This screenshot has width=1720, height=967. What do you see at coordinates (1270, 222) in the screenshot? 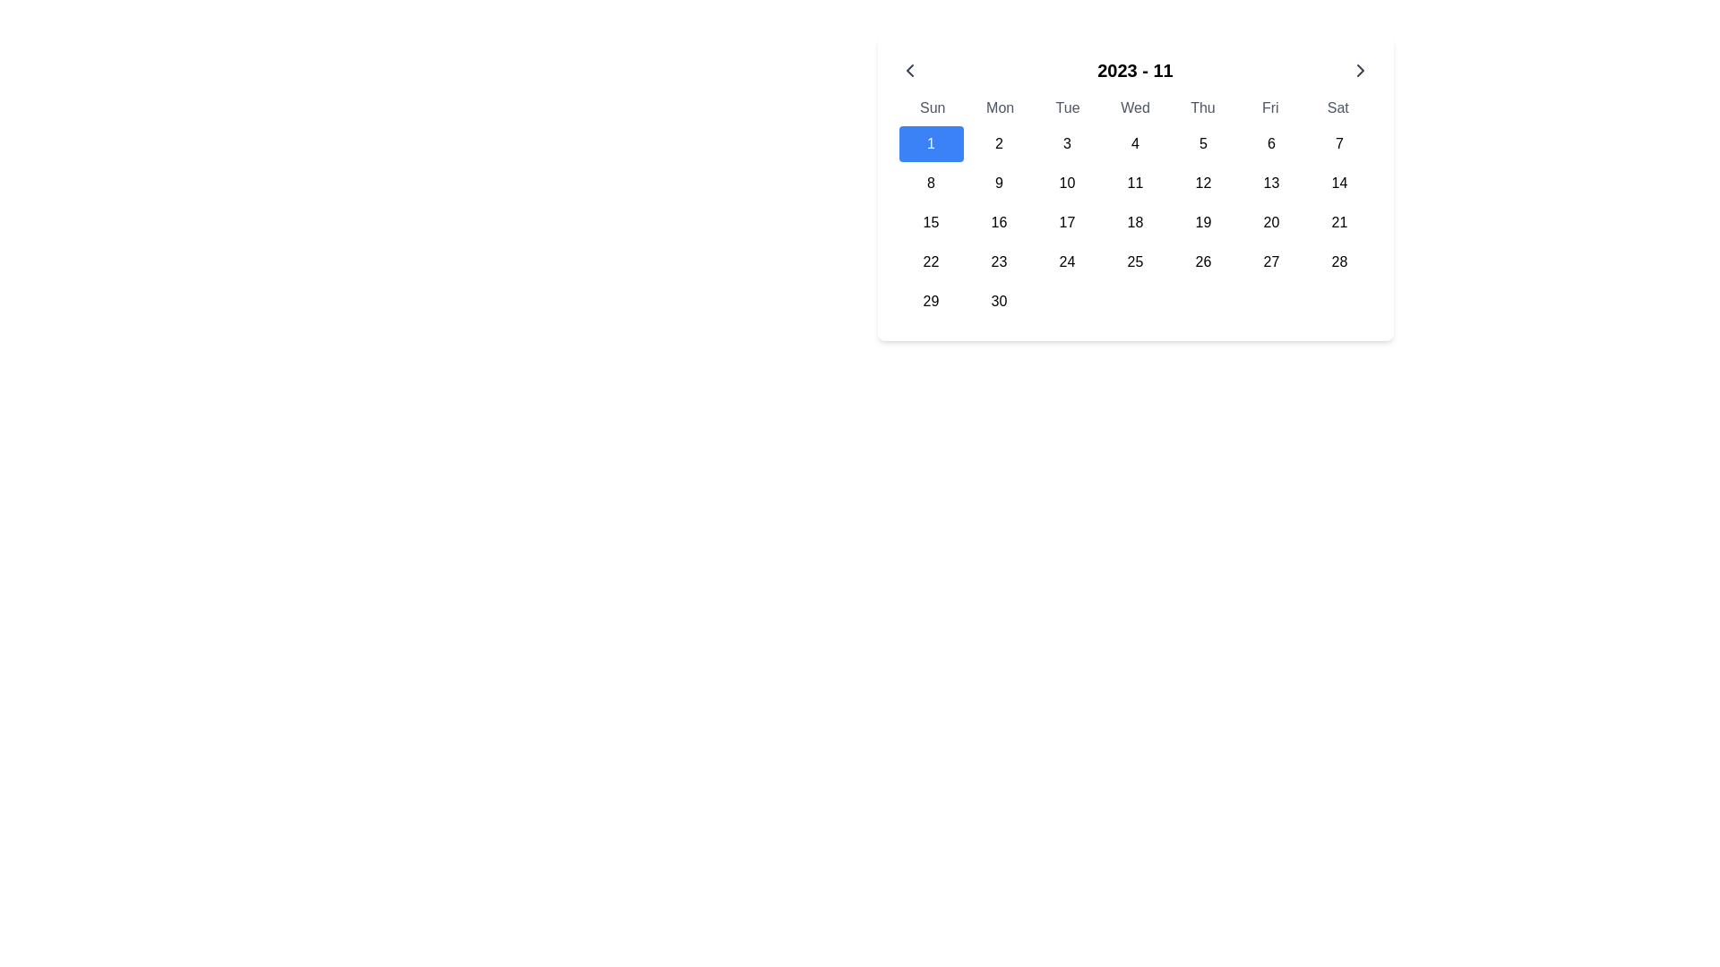
I see `the button displaying the number '20' on the calendar interface` at bounding box center [1270, 222].